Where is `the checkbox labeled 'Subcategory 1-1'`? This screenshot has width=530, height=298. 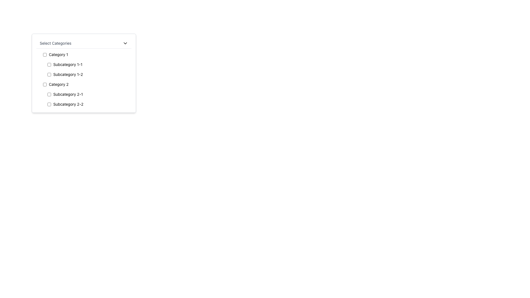 the checkbox labeled 'Subcategory 1-1' is located at coordinates (88, 64).